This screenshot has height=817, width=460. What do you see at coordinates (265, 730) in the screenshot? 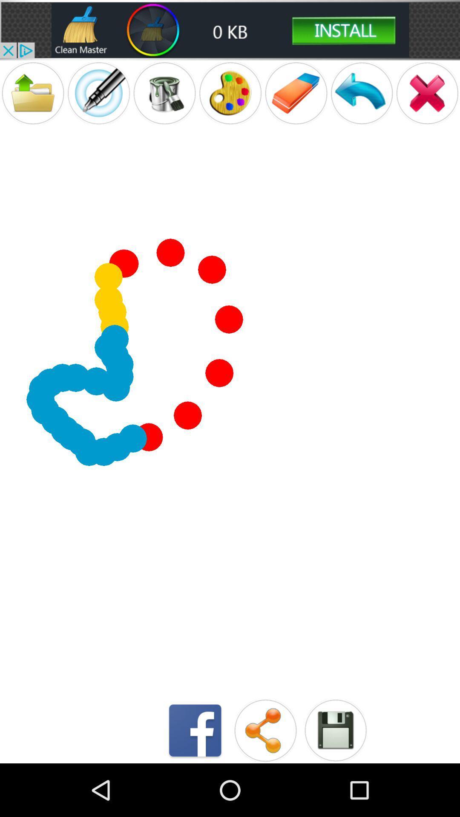
I see `check share option` at bounding box center [265, 730].